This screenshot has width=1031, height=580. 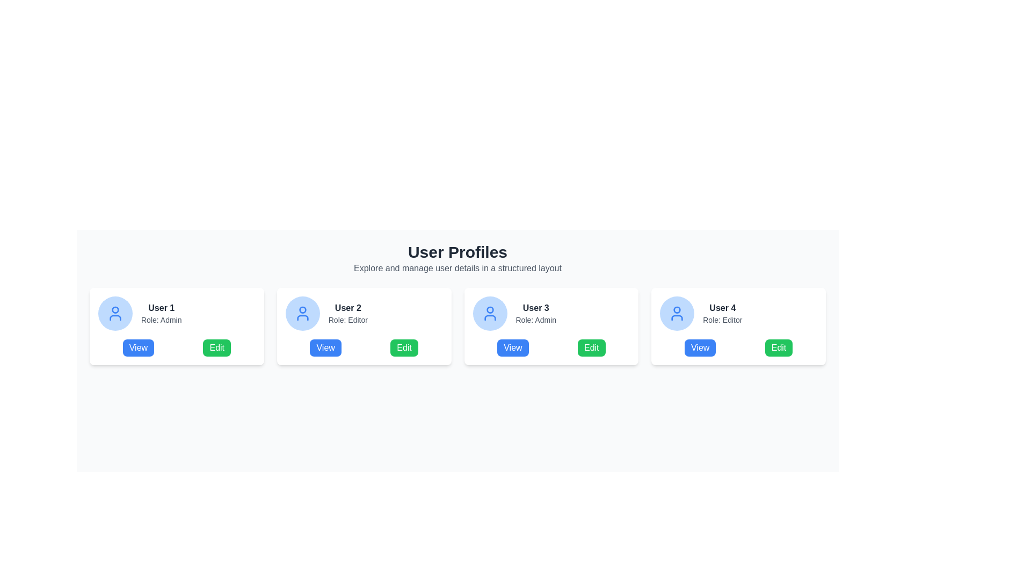 What do you see at coordinates (302, 310) in the screenshot?
I see `circular user profile image icon with a blue outline, located in the second user card from the left, using developer tools` at bounding box center [302, 310].